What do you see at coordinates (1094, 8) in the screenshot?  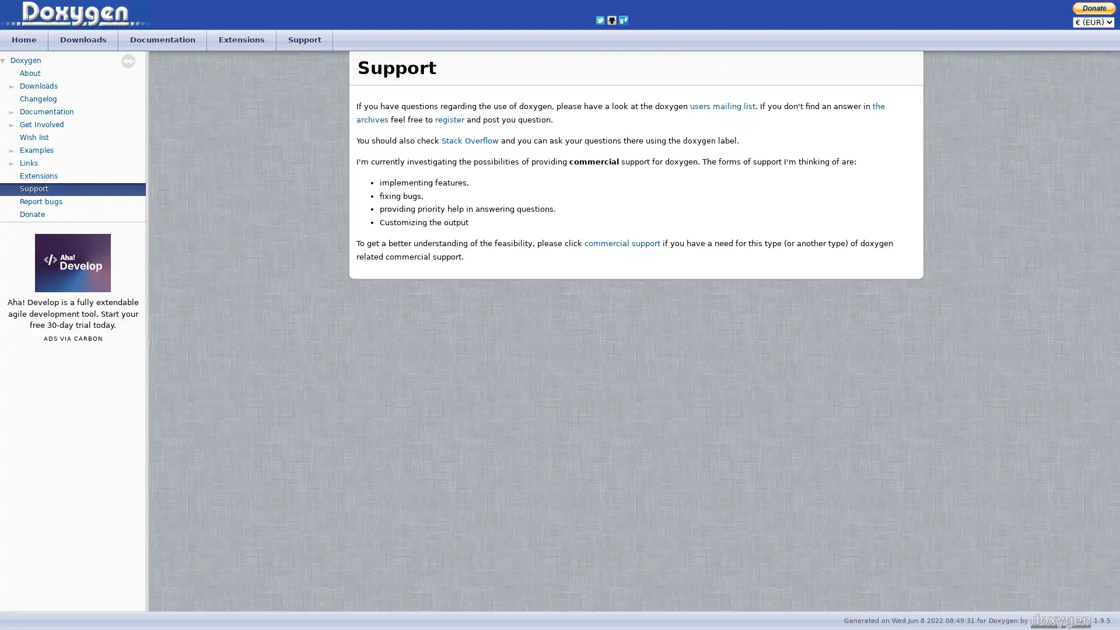 I see `Donate to Doxygen with PayPal!` at bounding box center [1094, 8].